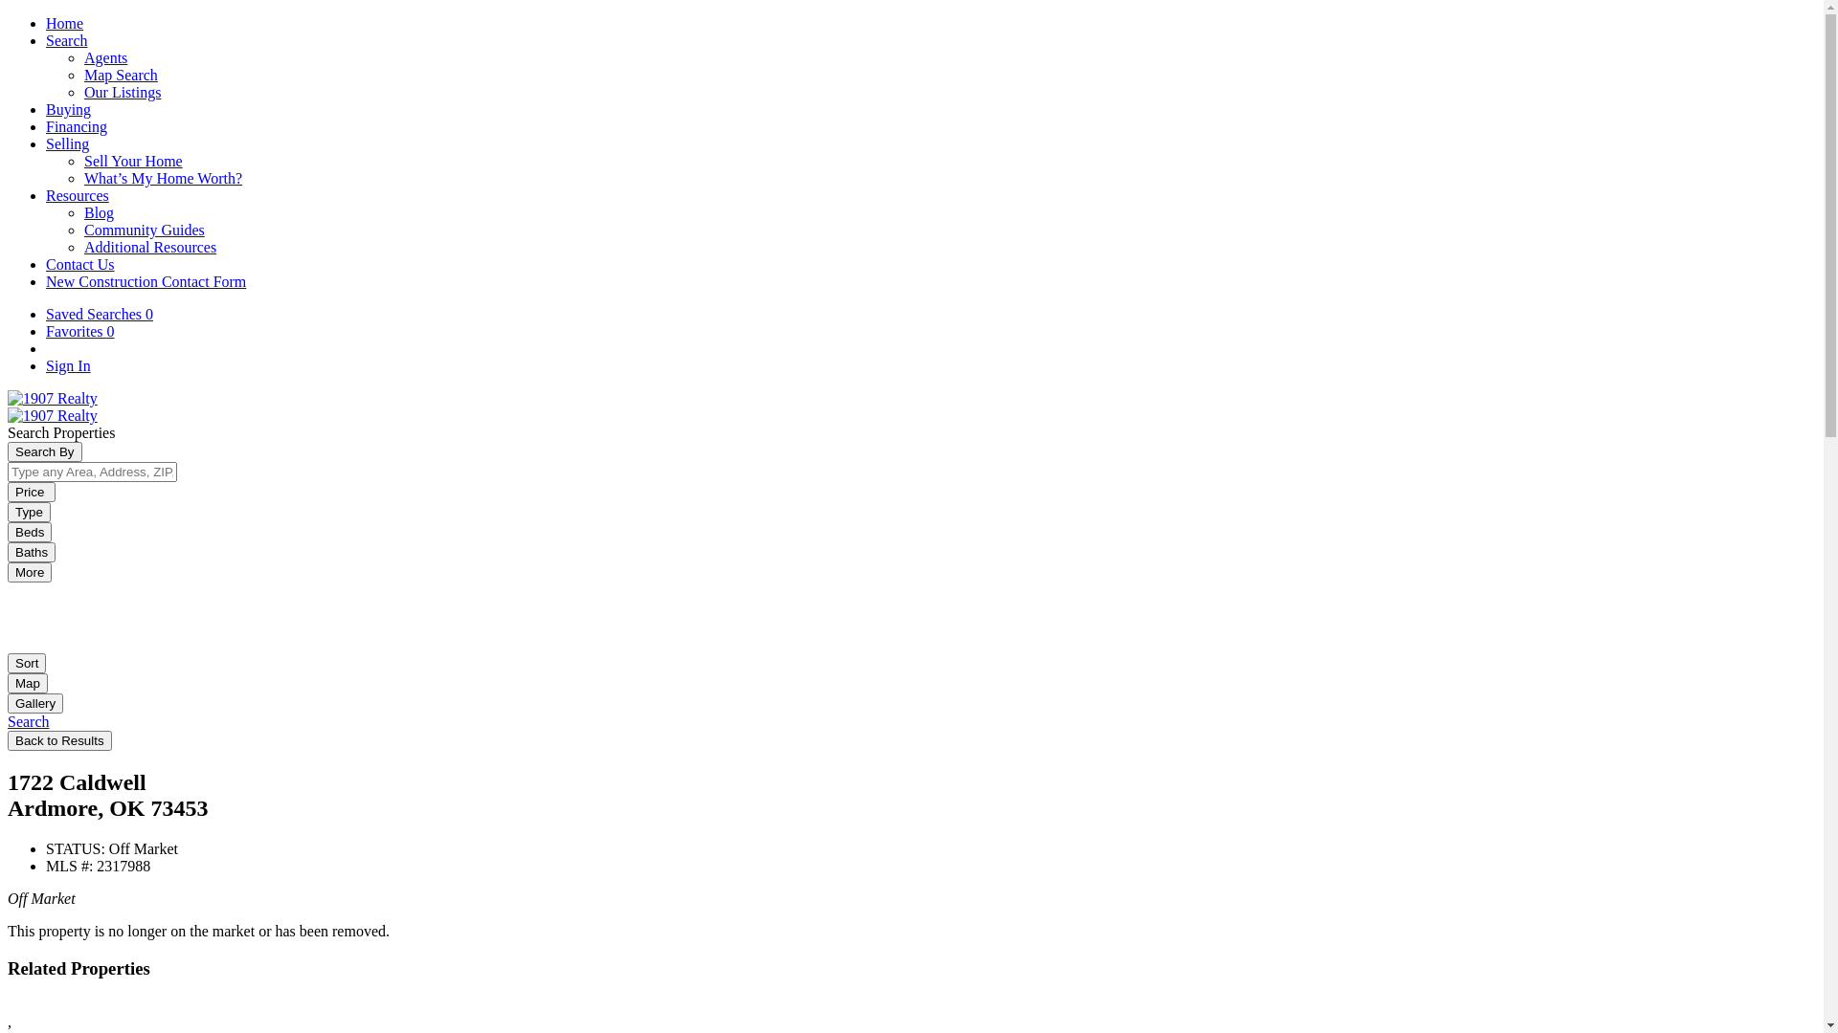 This screenshot has height=1033, width=1838. Describe the element at coordinates (98, 212) in the screenshot. I see `'Blog'` at that location.